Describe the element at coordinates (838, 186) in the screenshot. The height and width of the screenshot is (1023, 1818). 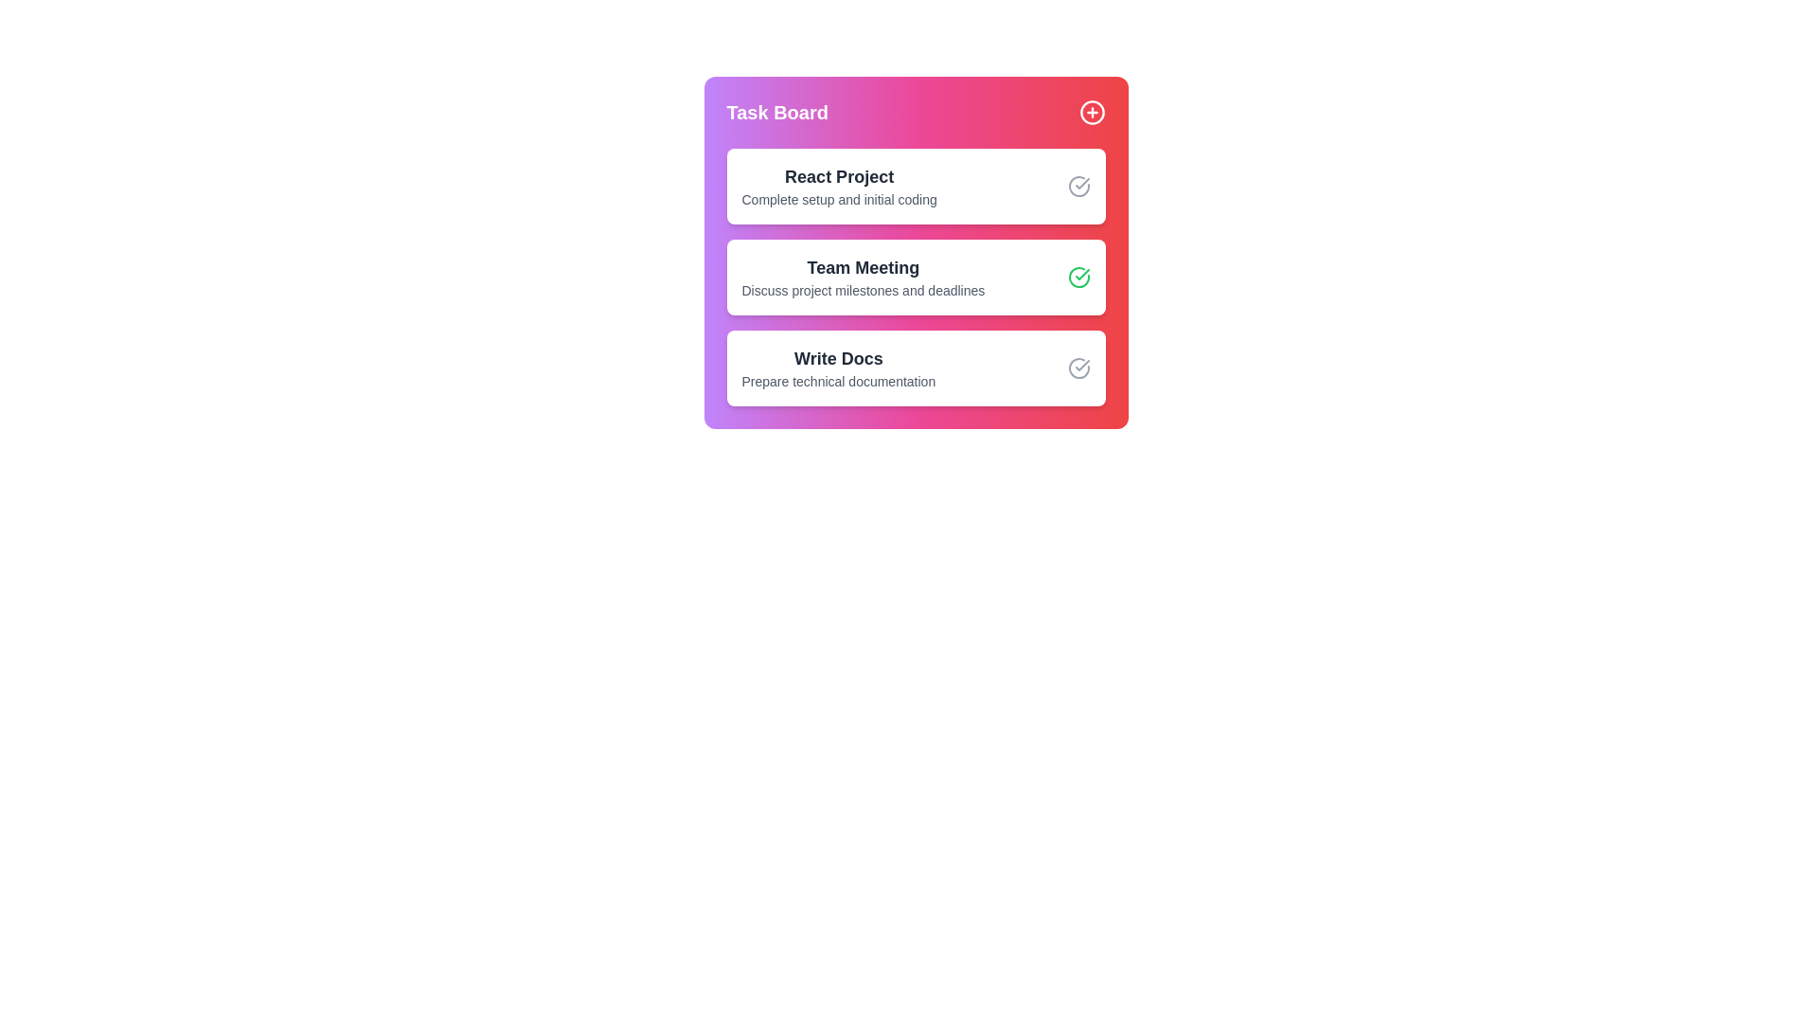
I see `the task titled 'React Project' to view its details` at that location.